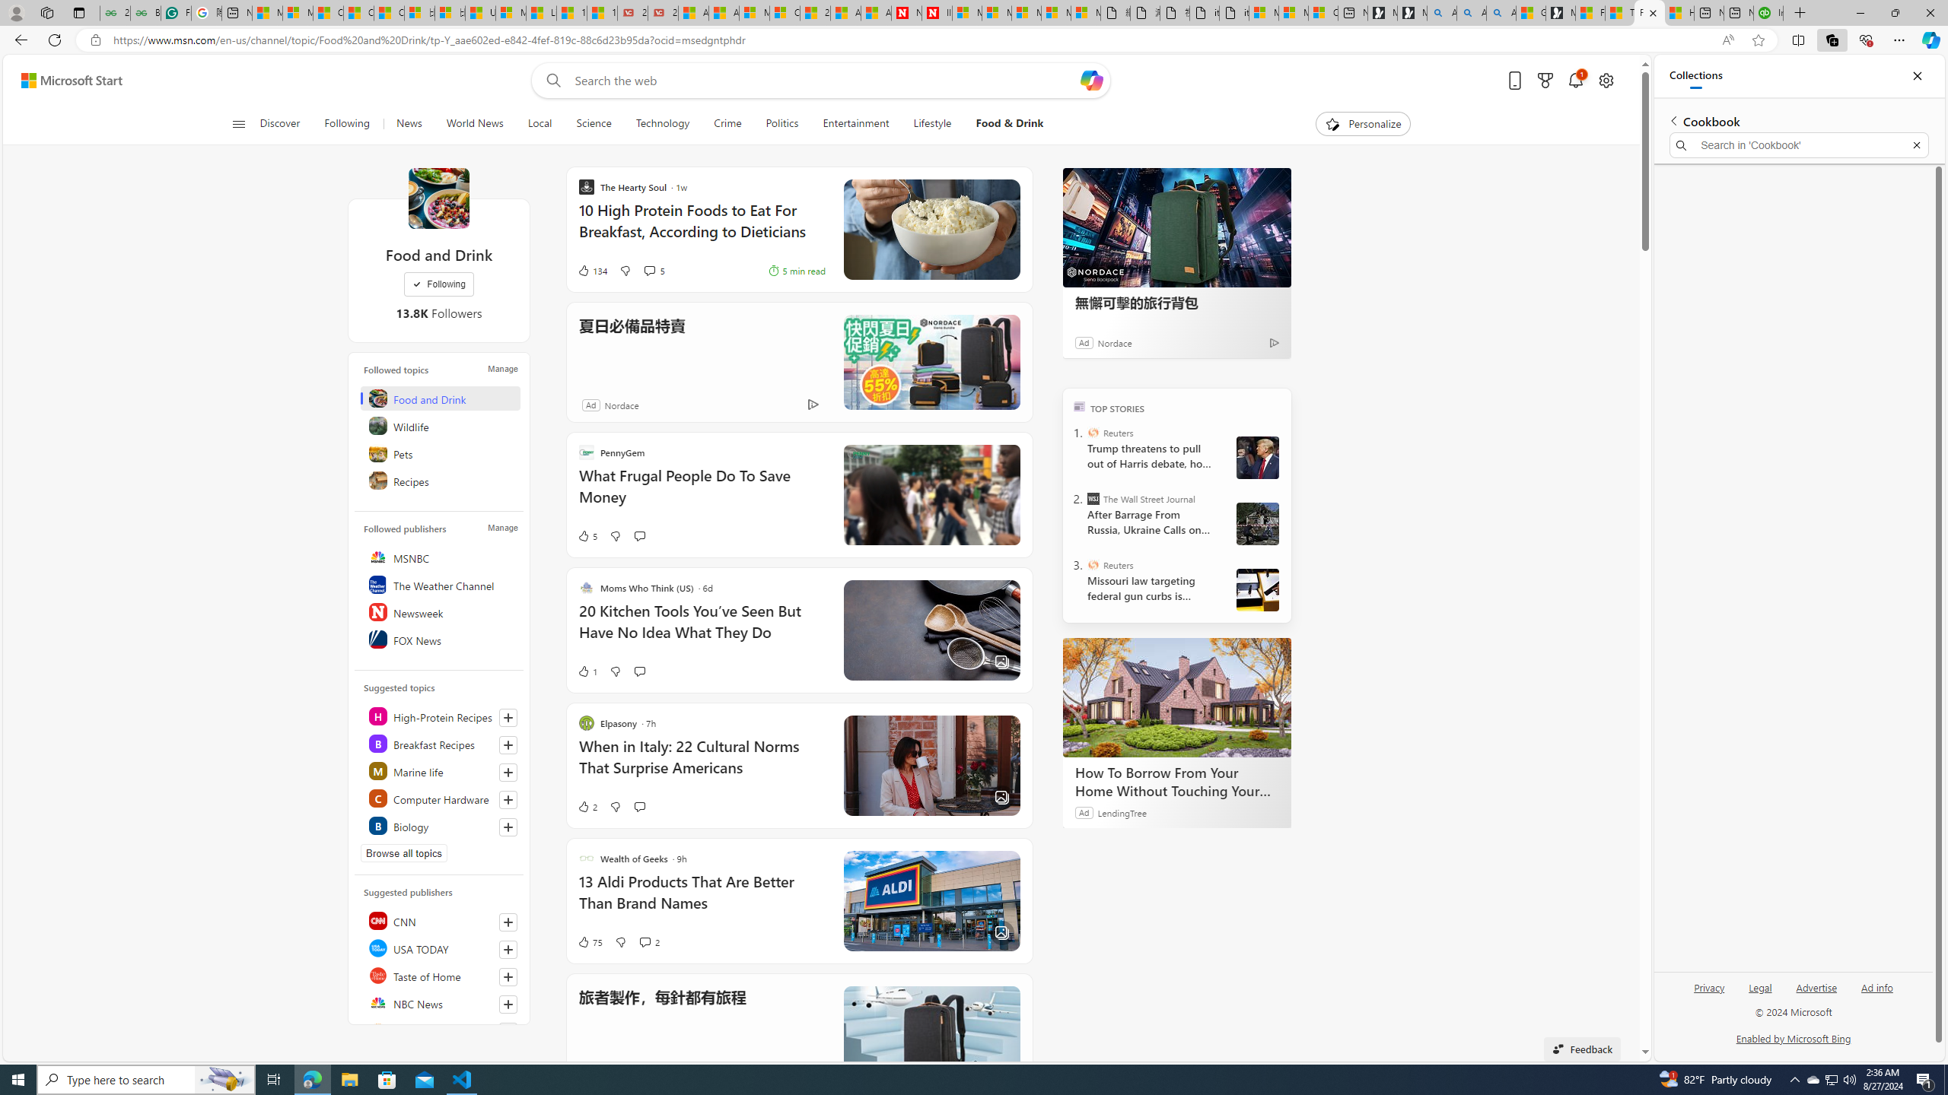 This screenshot has width=1948, height=1095. Describe the element at coordinates (1079, 405) in the screenshot. I see `'TOP'` at that location.